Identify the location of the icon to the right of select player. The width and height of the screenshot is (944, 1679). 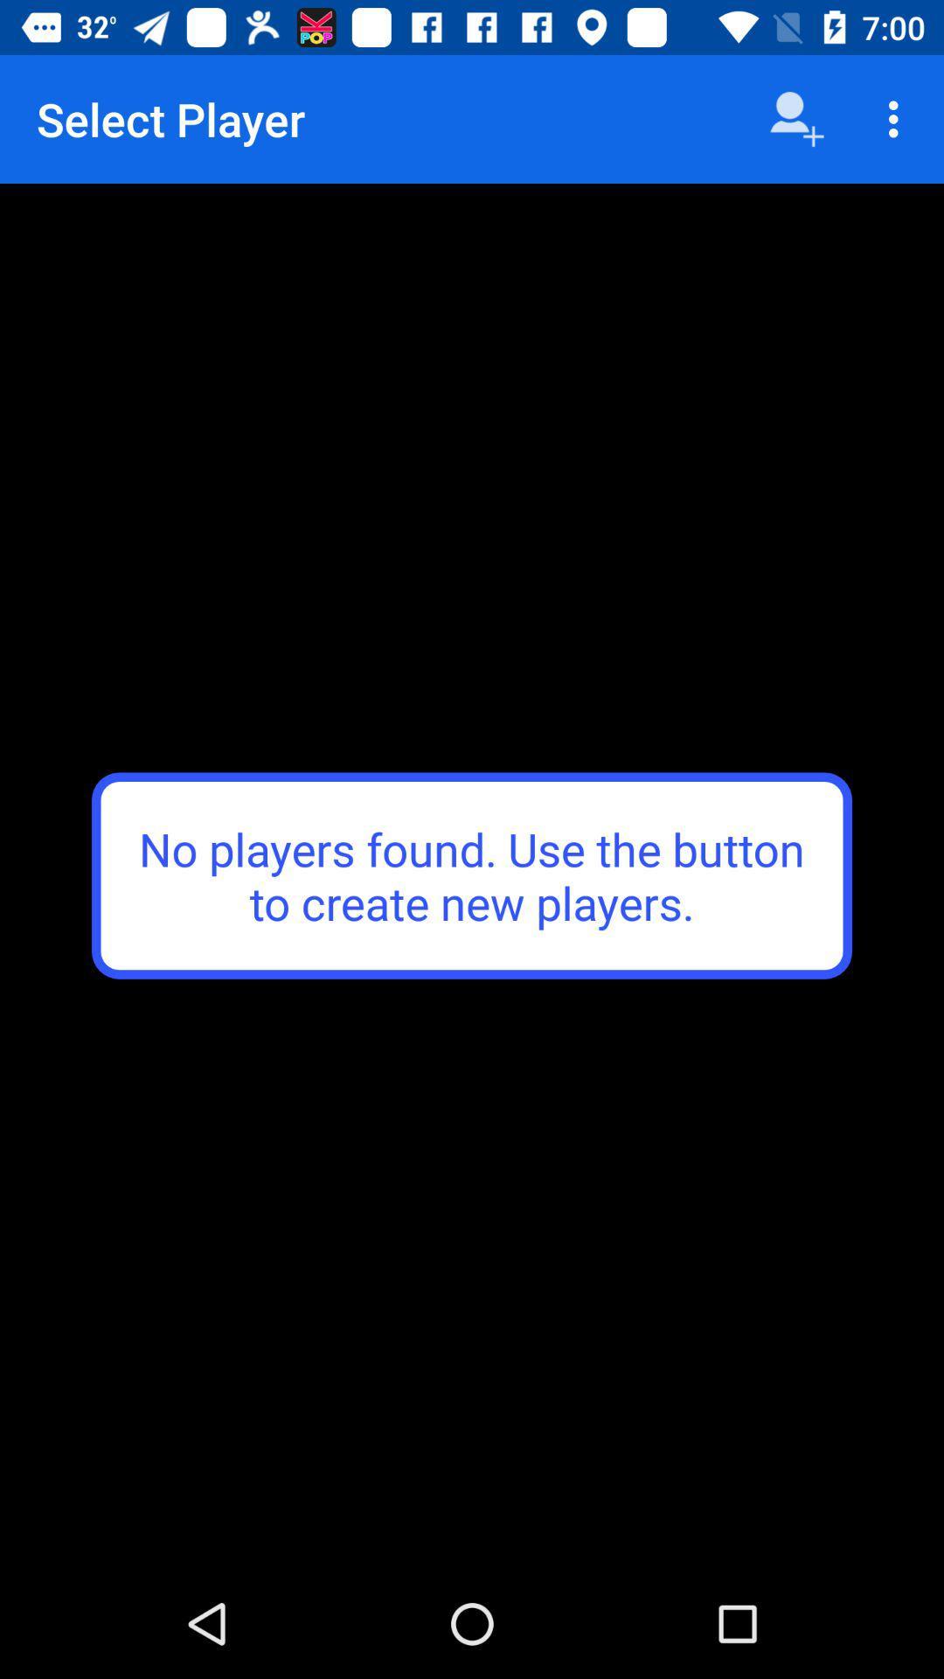
(796, 118).